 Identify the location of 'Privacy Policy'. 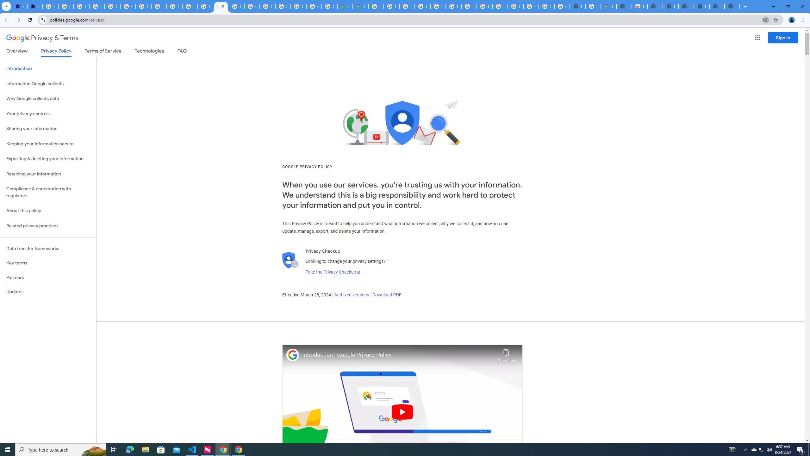
(55, 52).